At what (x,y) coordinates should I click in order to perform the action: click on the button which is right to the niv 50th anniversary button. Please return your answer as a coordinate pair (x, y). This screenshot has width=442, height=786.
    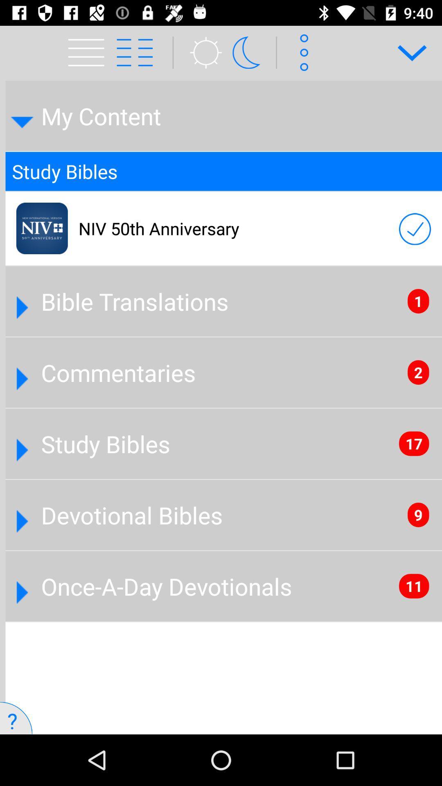
    Looking at the image, I should click on (415, 229).